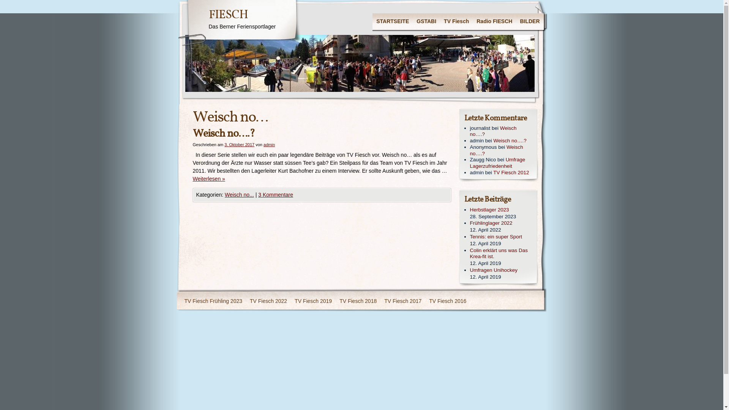 The image size is (729, 410). I want to click on 'Herbstlager 2023', so click(501, 210).